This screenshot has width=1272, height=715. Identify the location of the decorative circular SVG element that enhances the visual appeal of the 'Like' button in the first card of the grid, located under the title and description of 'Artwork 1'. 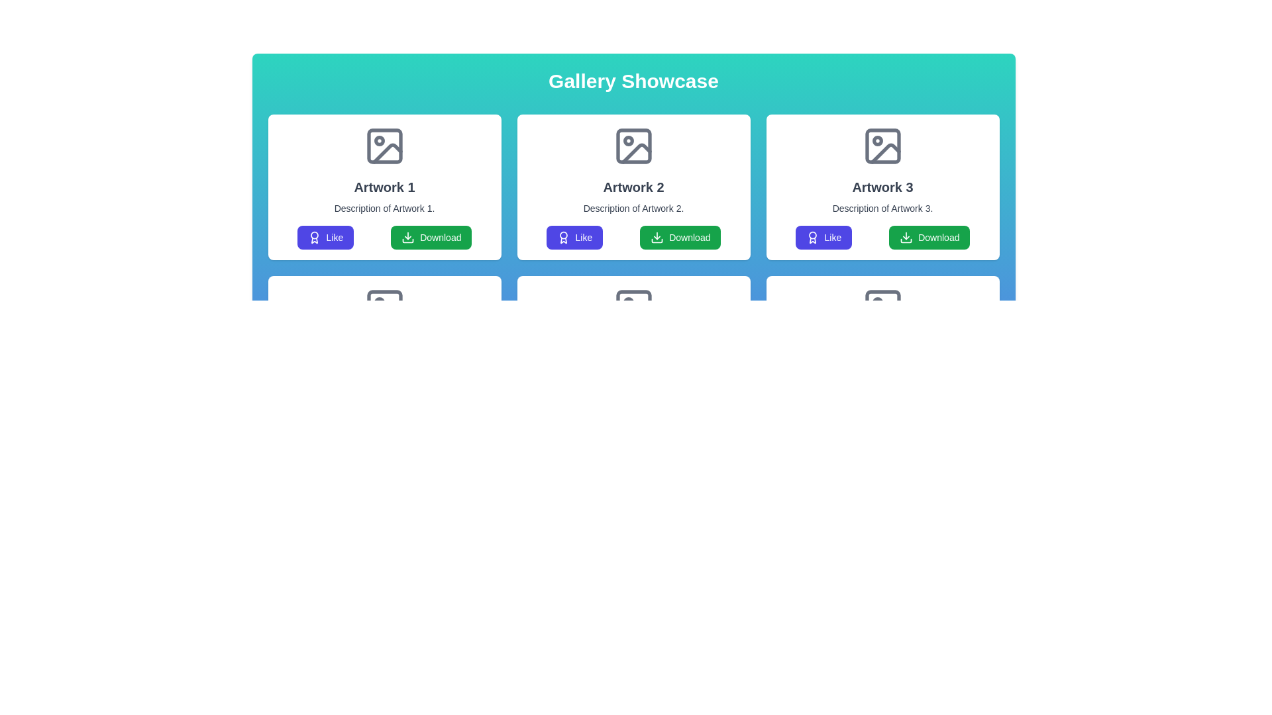
(313, 234).